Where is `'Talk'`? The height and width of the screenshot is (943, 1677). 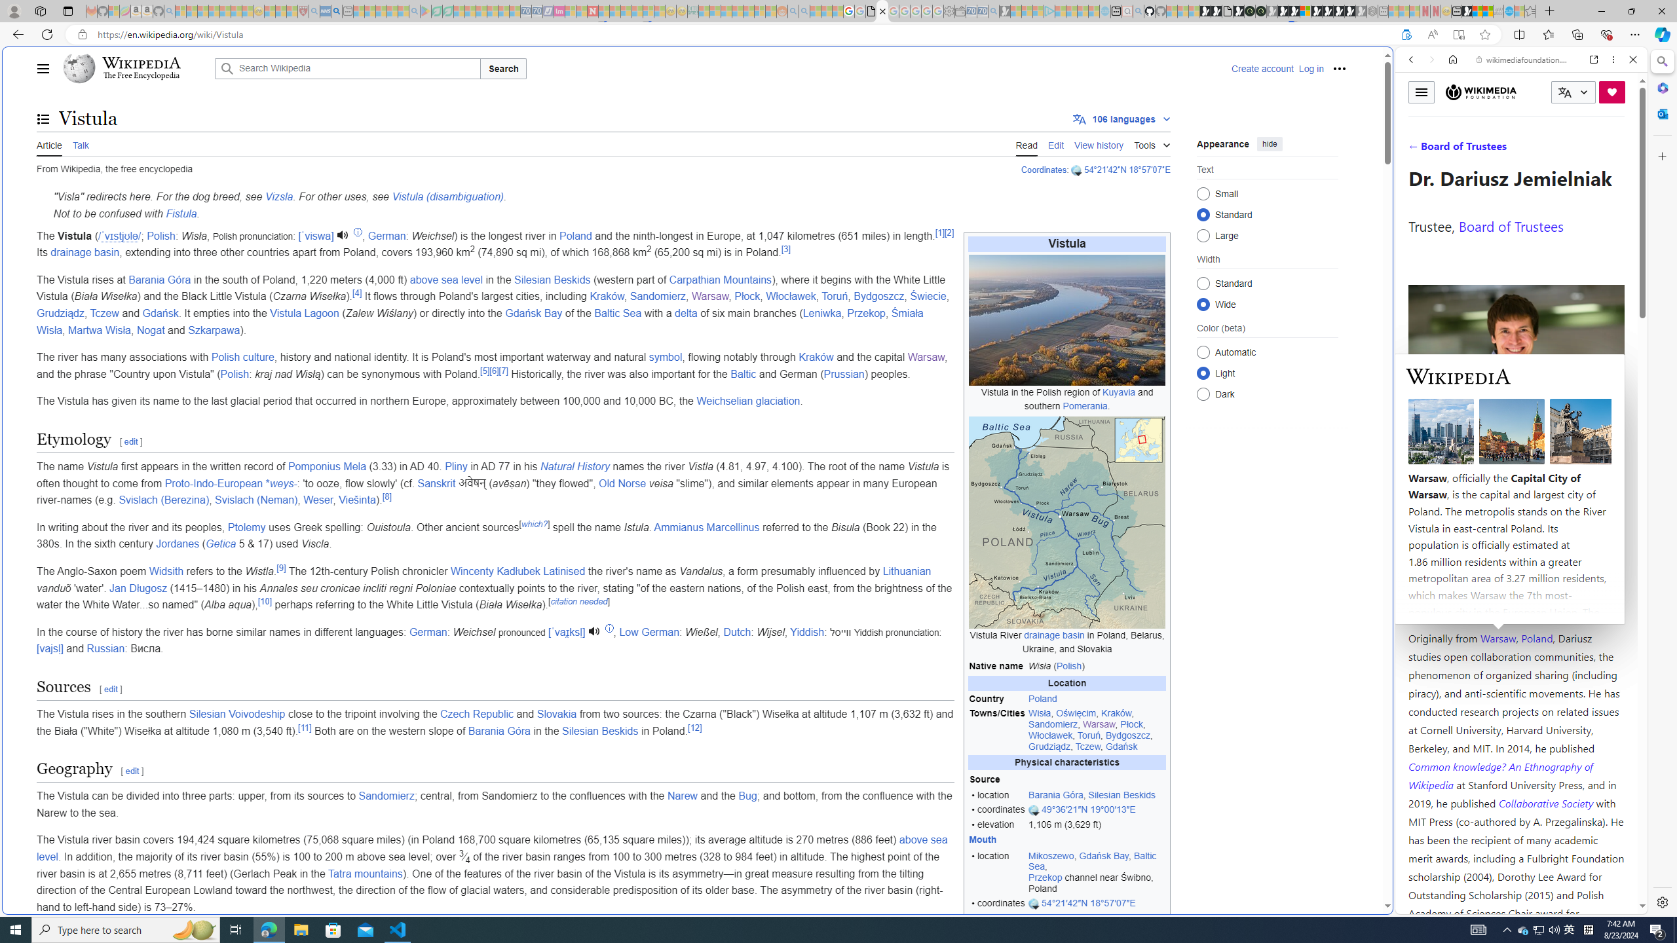
'Talk' is located at coordinates (80, 143).